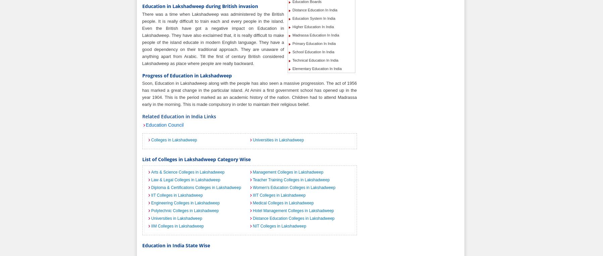  What do you see at coordinates (313, 18) in the screenshot?
I see `'Education System In India'` at bounding box center [313, 18].